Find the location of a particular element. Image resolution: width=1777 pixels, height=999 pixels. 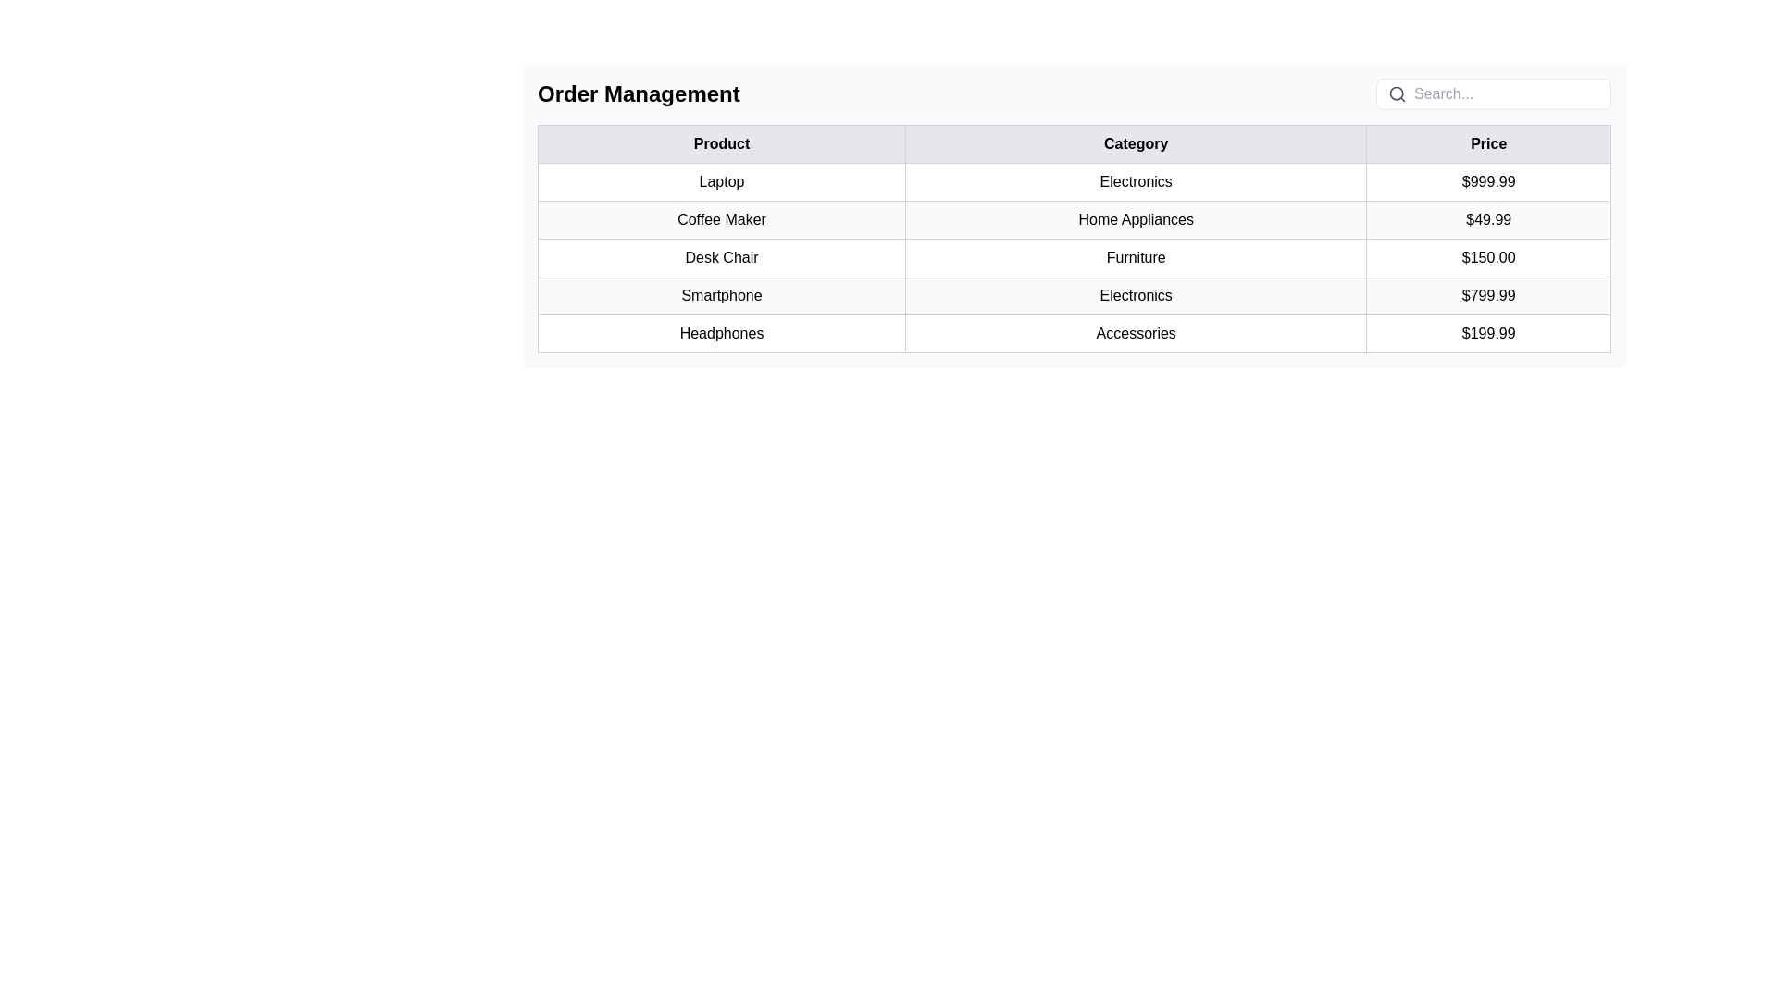

the 'Electronics' label in the category column for the 'Smartphone' entry in the table is located at coordinates (1135, 295).